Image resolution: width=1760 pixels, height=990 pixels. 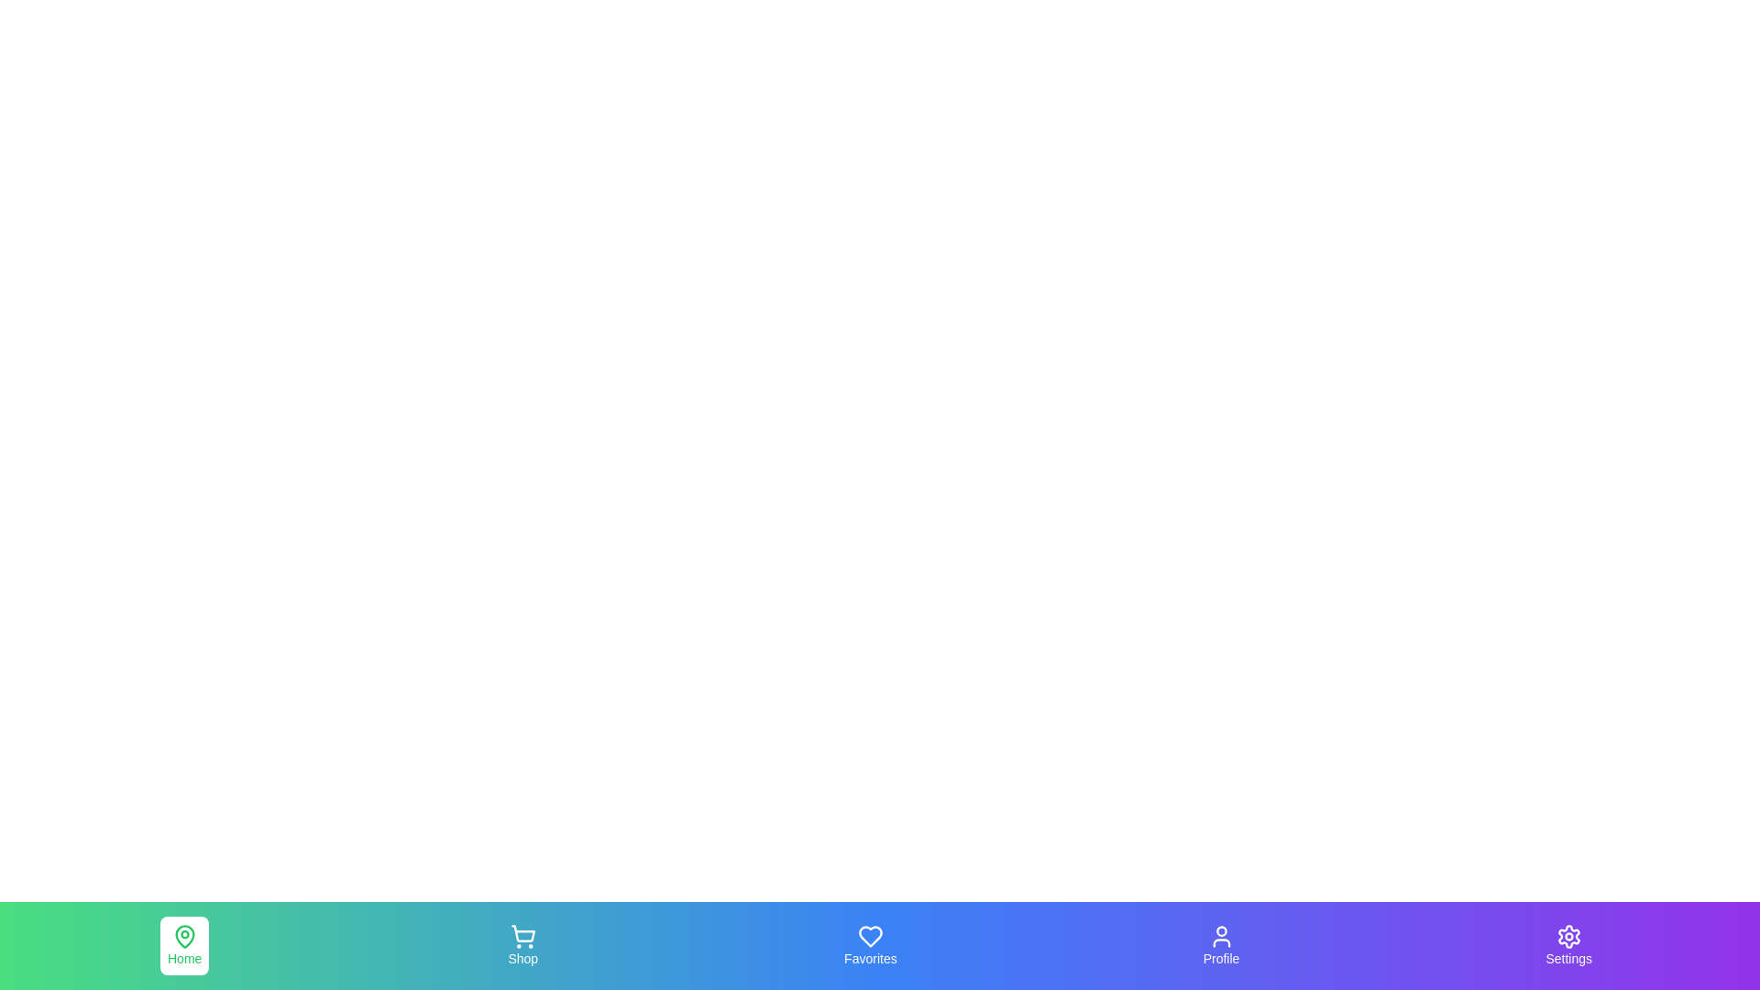 What do you see at coordinates (869, 946) in the screenshot?
I see `the Favorites tab in the navigation bar` at bounding box center [869, 946].